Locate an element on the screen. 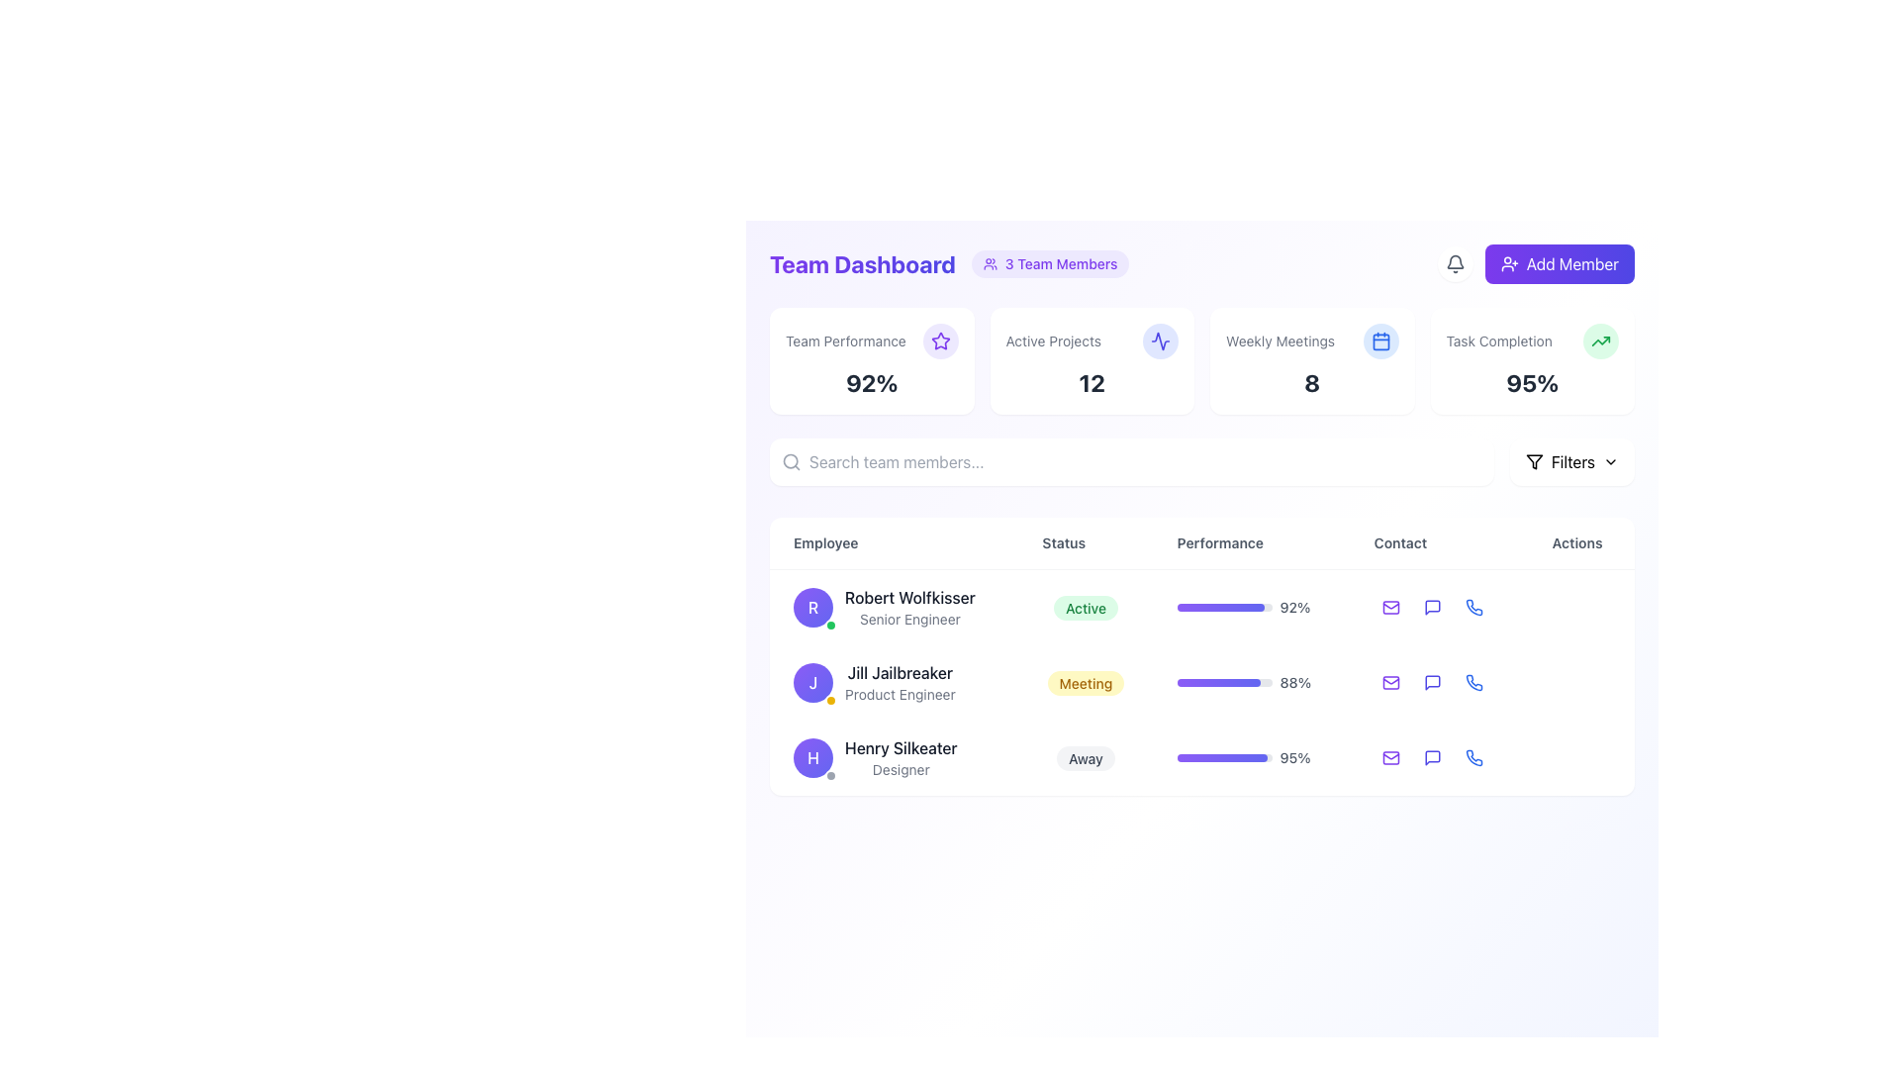 This screenshot has height=1069, width=1900. the percentage value display (92%) located to the right of the horizontal progress bar in the tabular layout is located at coordinates (1295, 606).